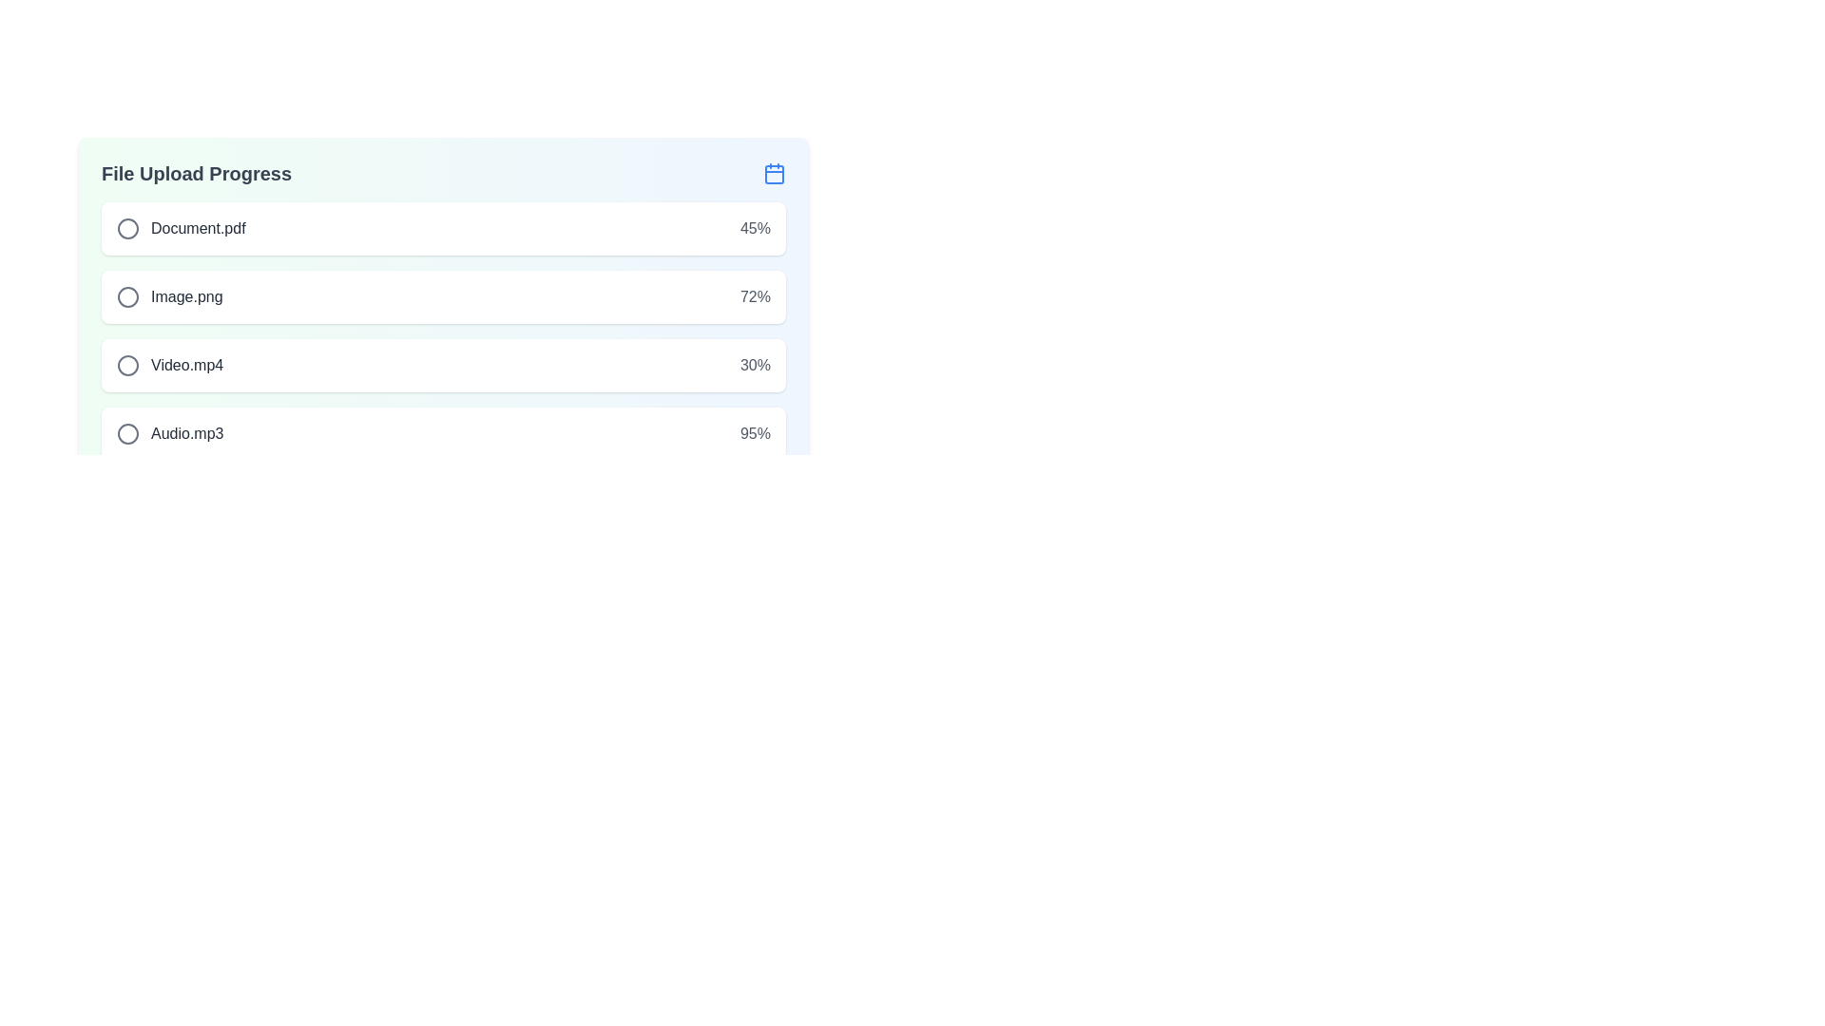  What do you see at coordinates (187, 433) in the screenshot?
I see `text label displaying the filename 'Audio.mp3' styled in bold dark gray font, which is the last file in the list of a file upload progress tracker interface` at bounding box center [187, 433].